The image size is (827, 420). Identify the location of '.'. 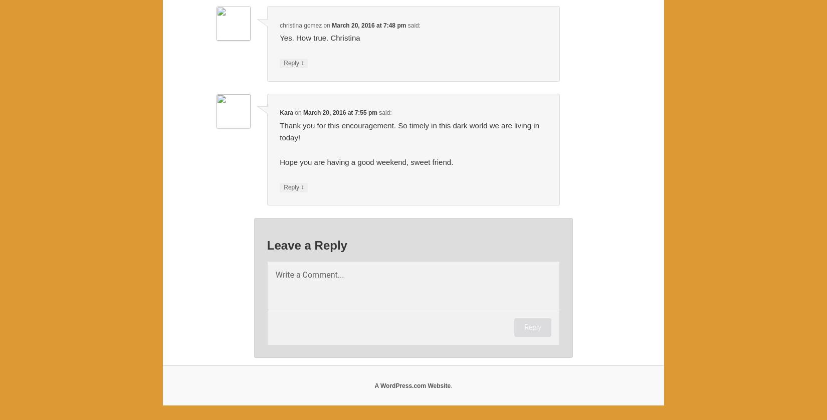
(451, 385).